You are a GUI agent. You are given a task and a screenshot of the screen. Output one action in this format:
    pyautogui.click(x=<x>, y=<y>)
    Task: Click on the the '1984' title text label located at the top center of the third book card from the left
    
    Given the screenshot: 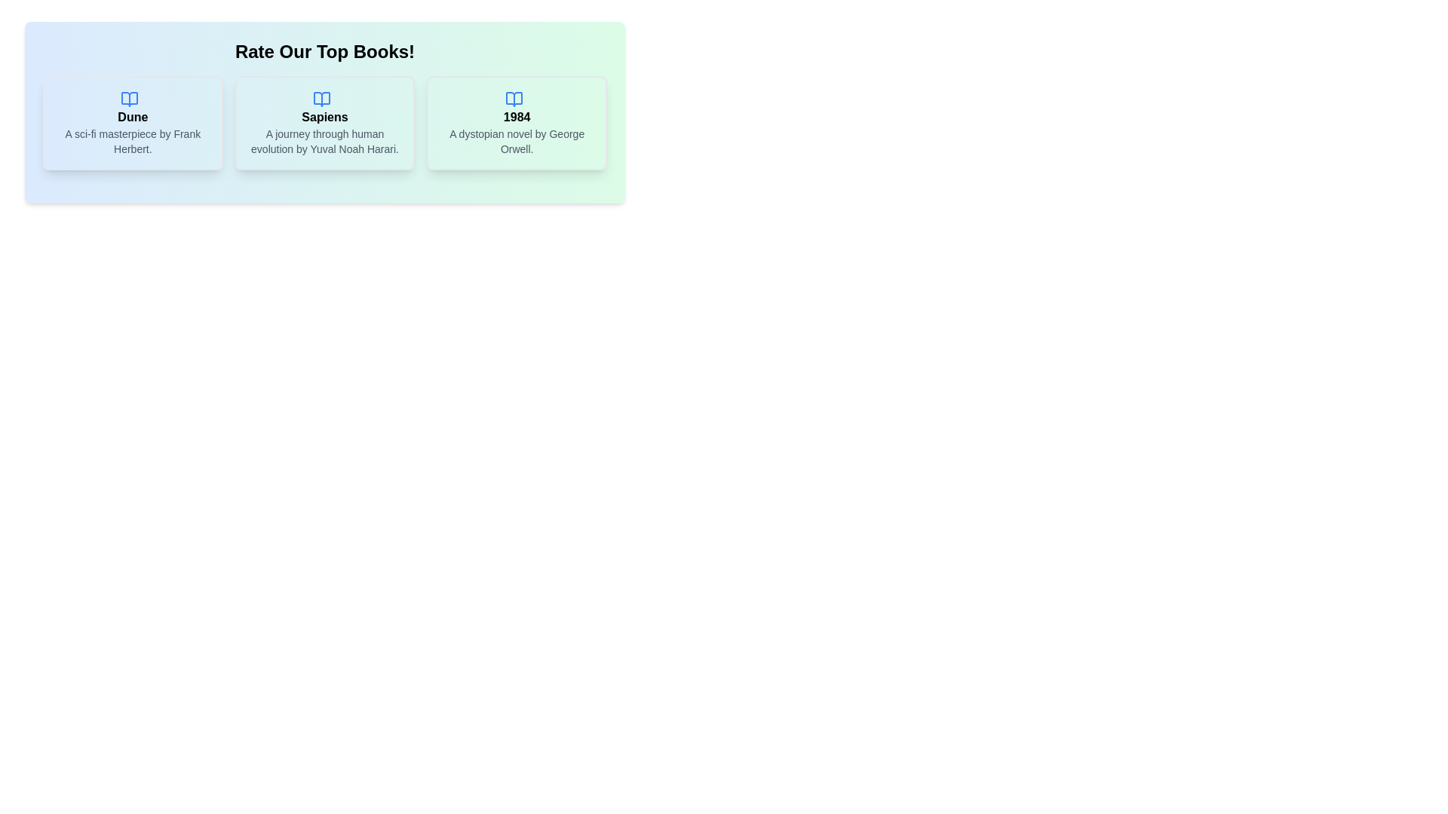 What is the action you would take?
    pyautogui.click(x=517, y=116)
    